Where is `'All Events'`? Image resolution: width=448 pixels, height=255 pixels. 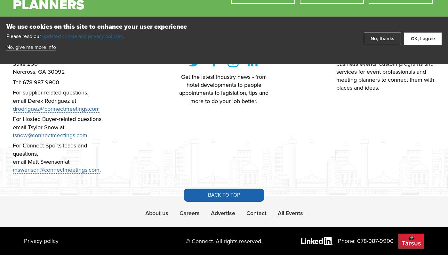
'All Events' is located at coordinates (277, 213).